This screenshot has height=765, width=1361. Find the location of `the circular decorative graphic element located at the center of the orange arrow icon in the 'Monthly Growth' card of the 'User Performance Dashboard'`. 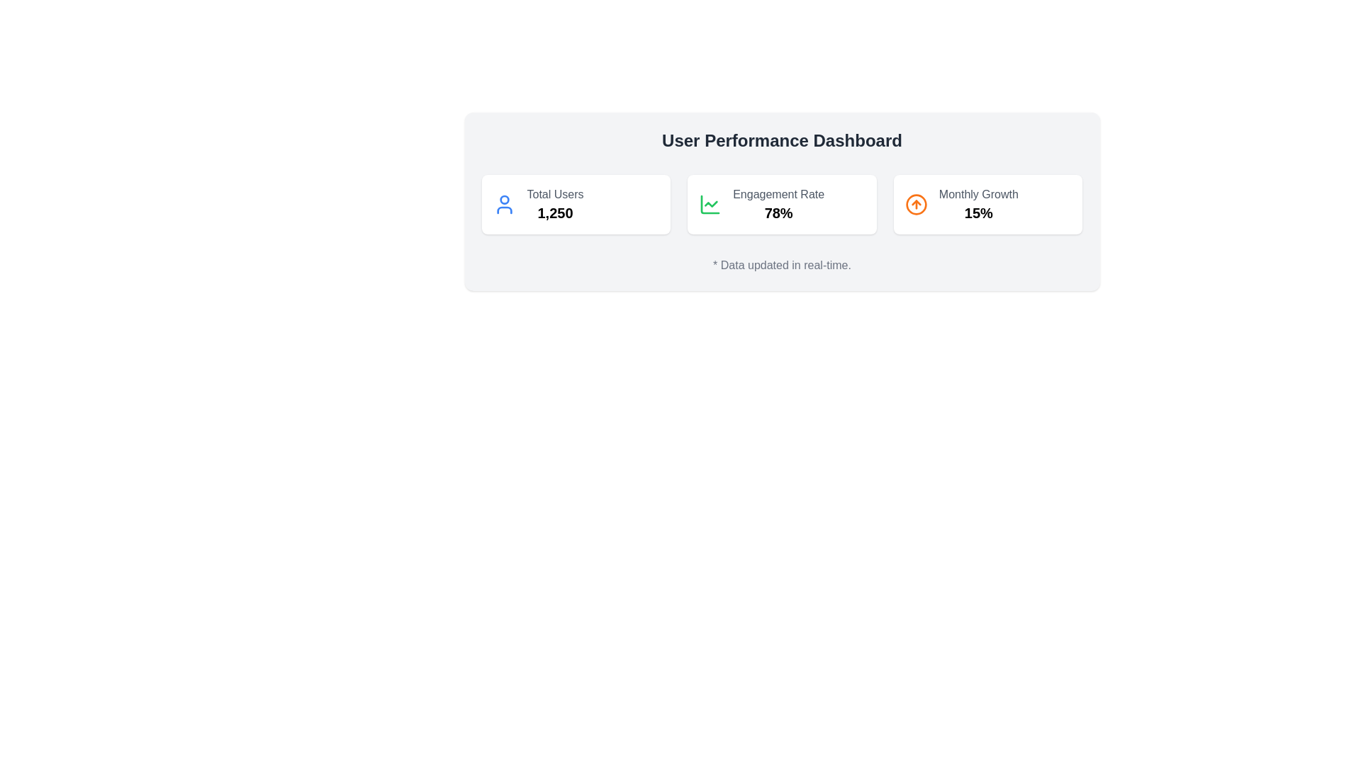

the circular decorative graphic element located at the center of the orange arrow icon in the 'Monthly Growth' card of the 'User Performance Dashboard' is located at coordinates (916, 205).